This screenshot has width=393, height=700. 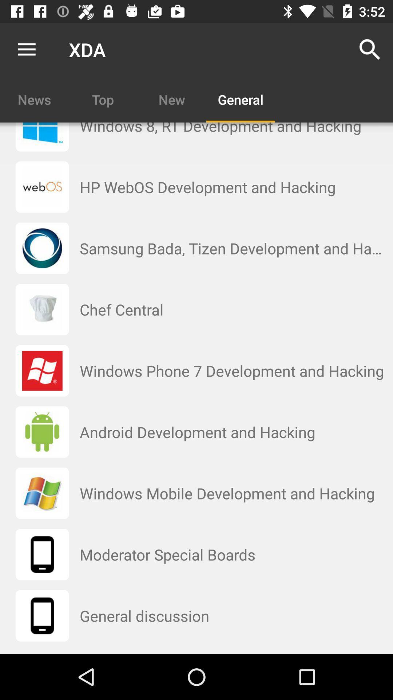 I want to click on the item next to the xda icon, so click(x=370, y=49).